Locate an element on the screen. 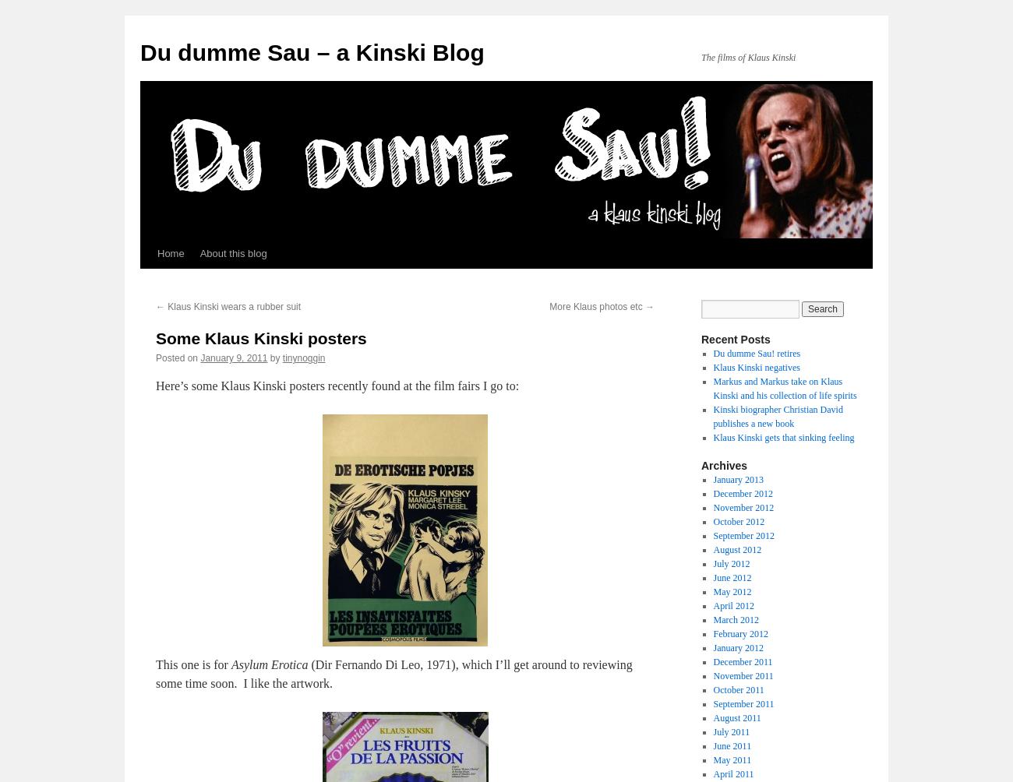 The image size is (1013, 782). 'January 9, 2011' is located at coordinates (234, 358).